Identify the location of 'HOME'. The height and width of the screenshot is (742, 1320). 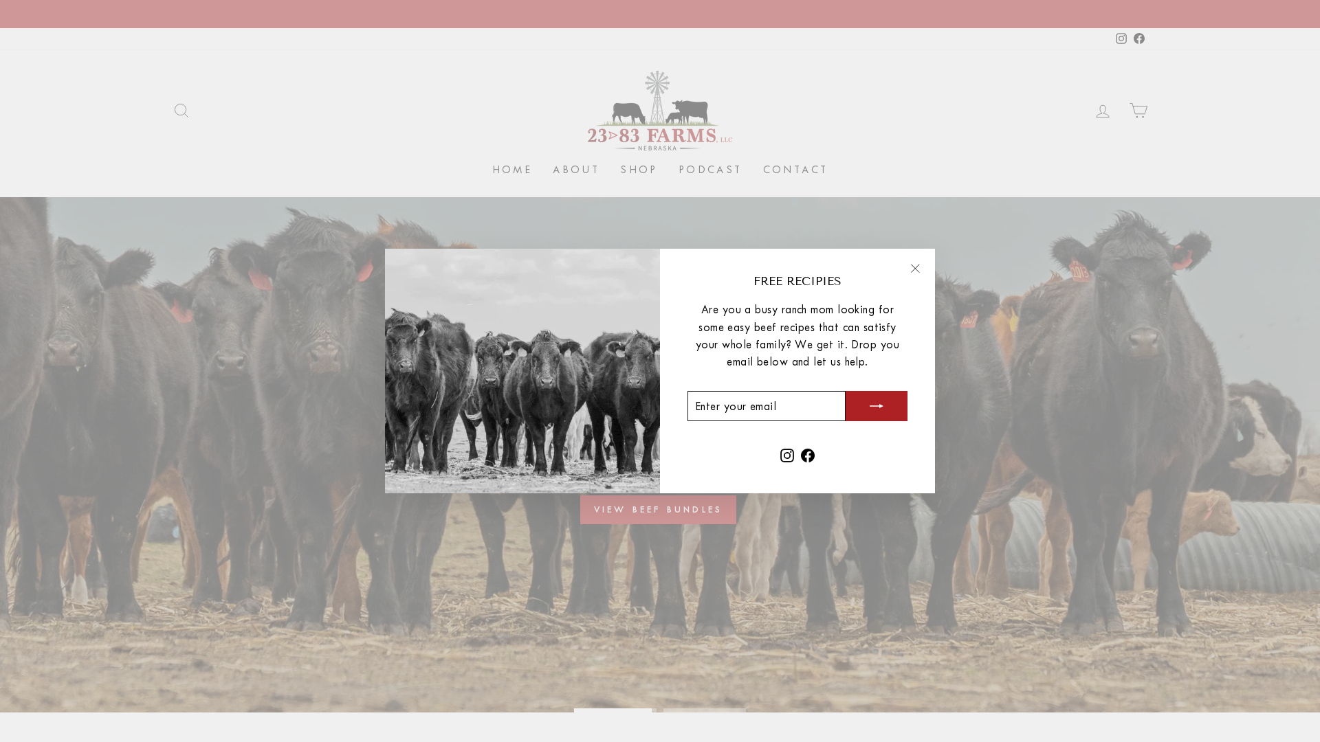
(511, 169).